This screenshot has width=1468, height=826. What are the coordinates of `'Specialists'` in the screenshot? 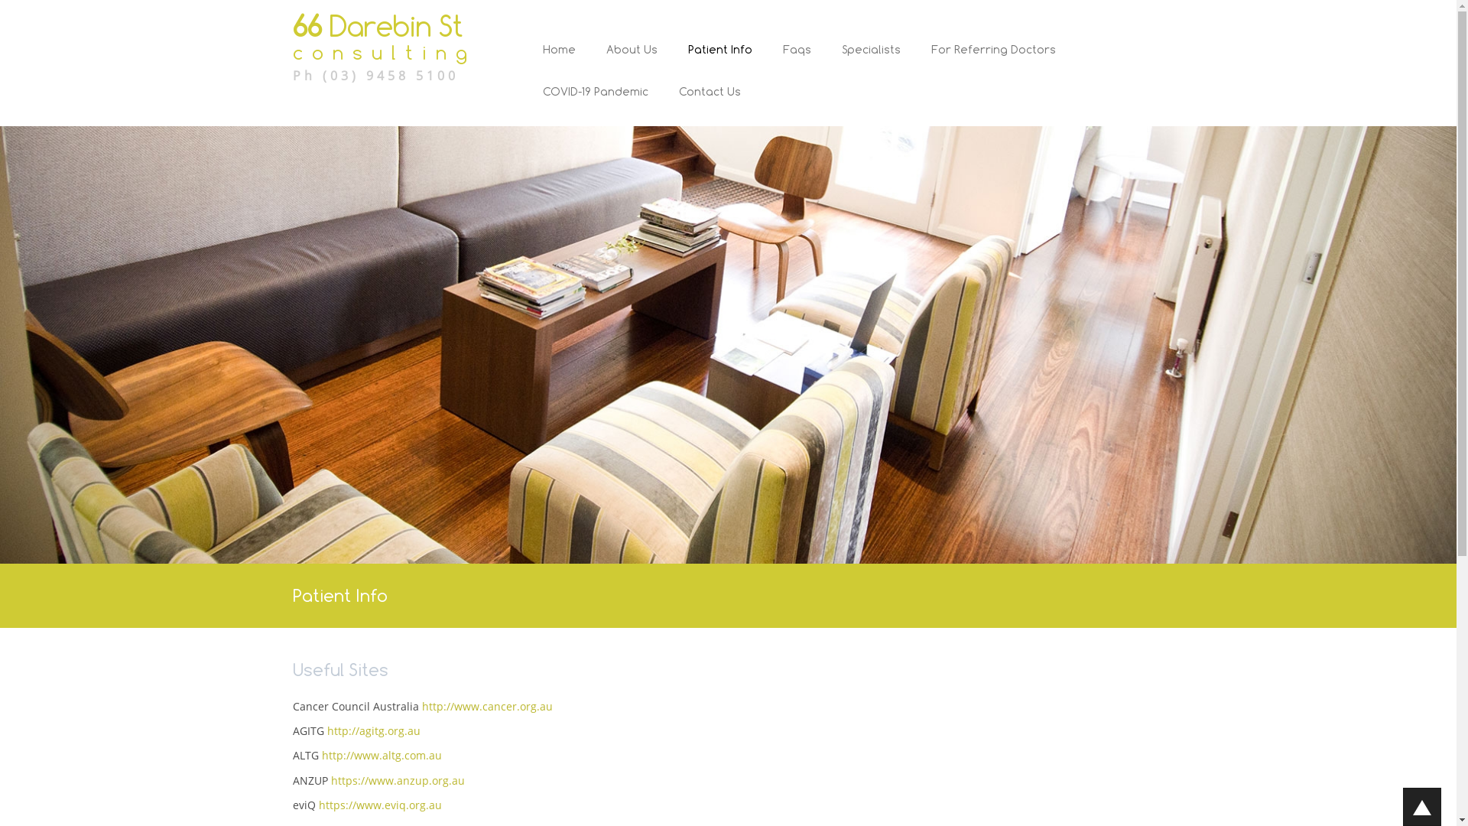 It's located at (871, 62).